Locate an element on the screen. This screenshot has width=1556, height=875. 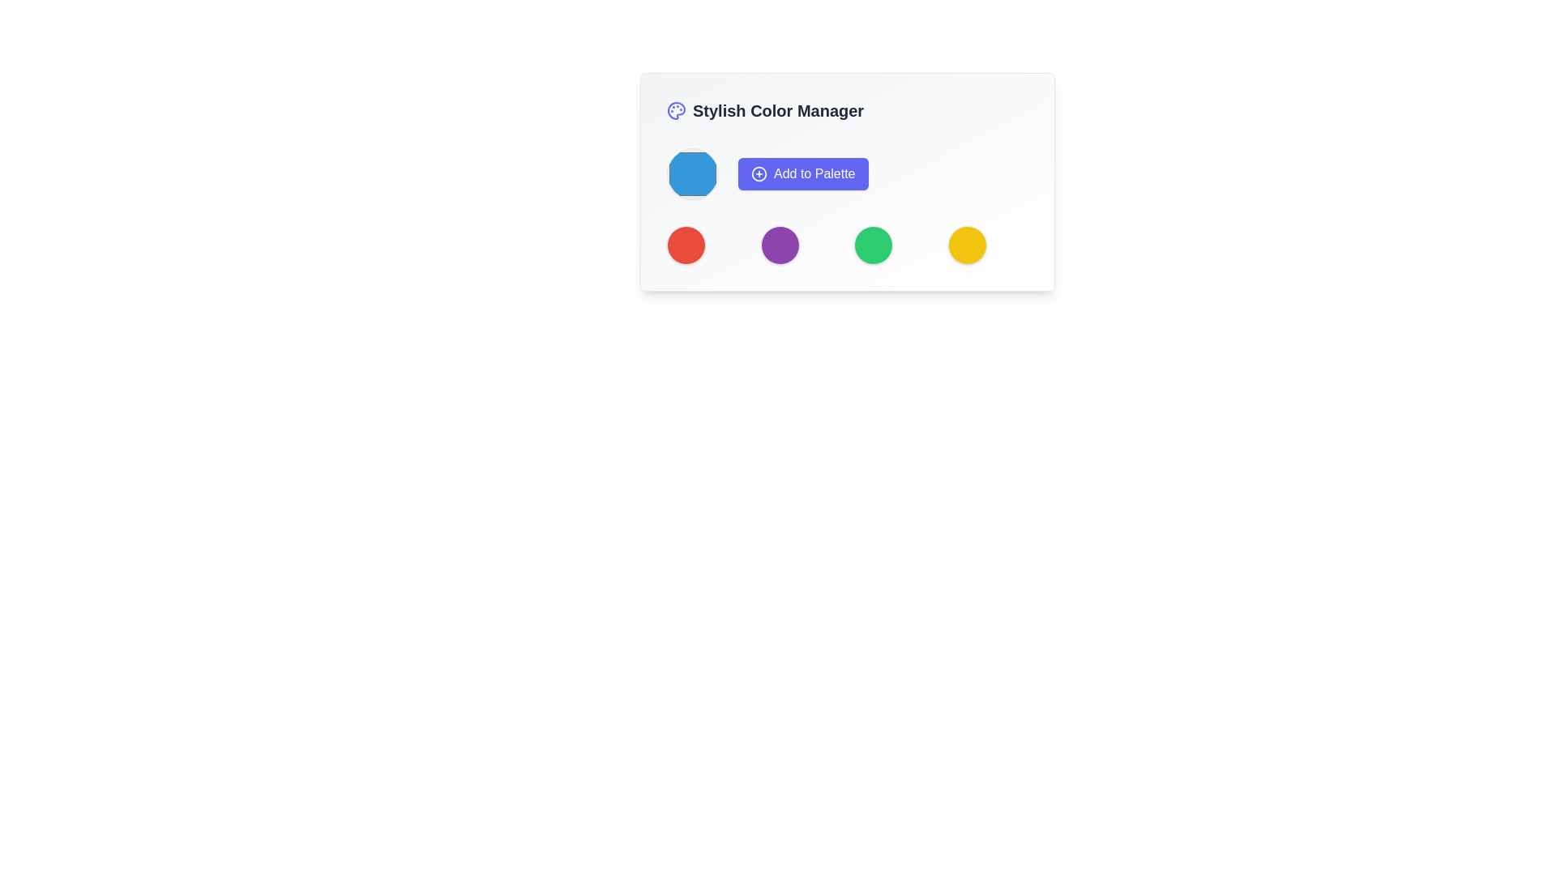
circular decorative graphic element outlined within the plus symbol SVG icon located in the top-right area of the component card using development tools is located at coordinates (758, 174).